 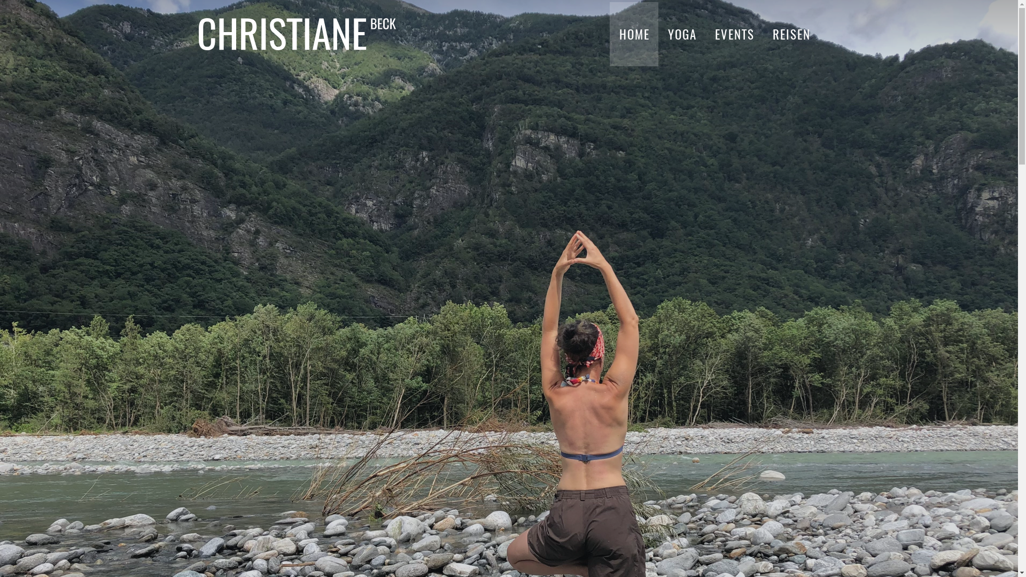 What do you see at coordinates (634, 34) in the screenshot?
I see `'HOME'` at bounding box center [634, 34].